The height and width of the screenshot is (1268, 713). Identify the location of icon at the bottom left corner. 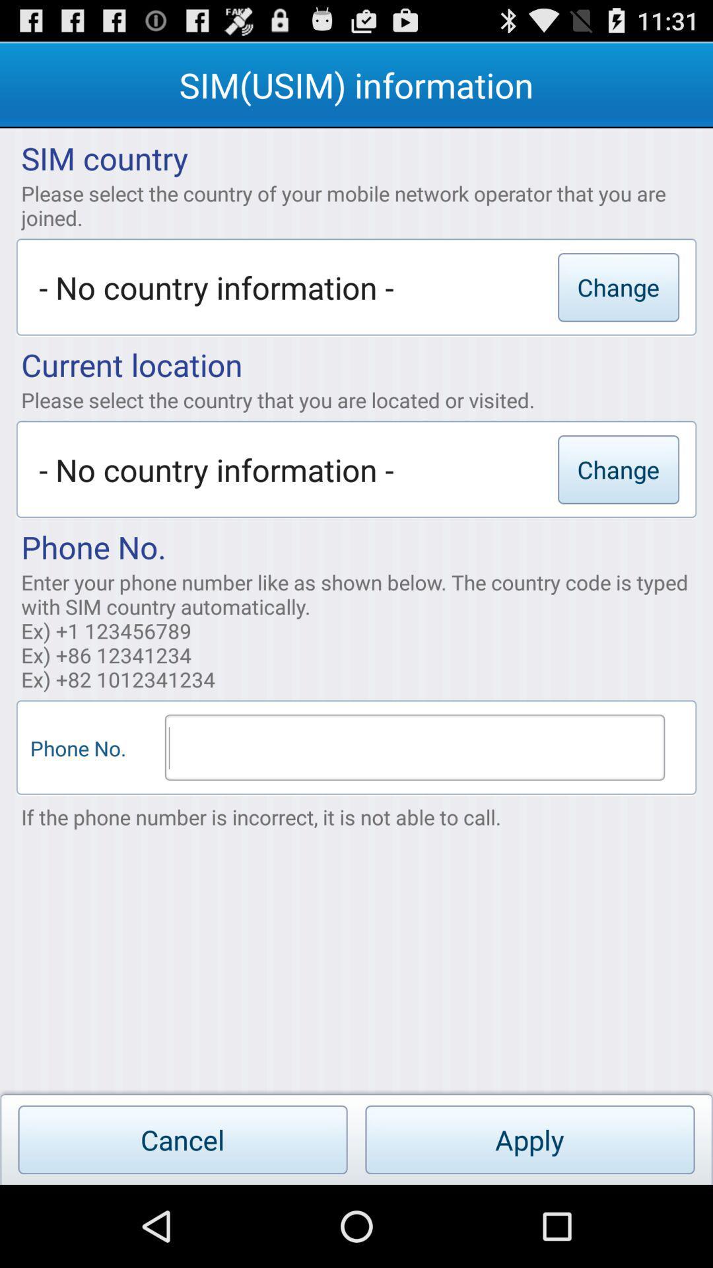
(183, 1139).